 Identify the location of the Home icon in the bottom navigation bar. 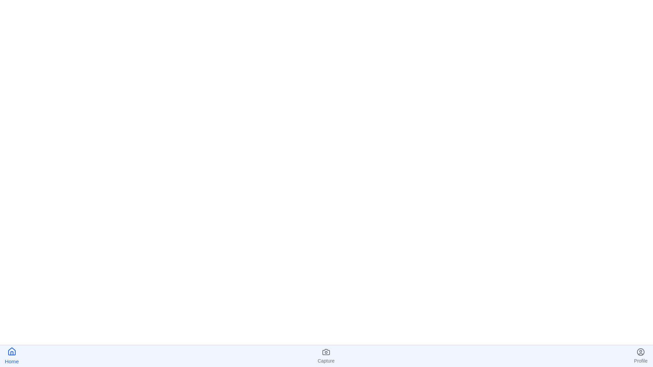
(11, 356).